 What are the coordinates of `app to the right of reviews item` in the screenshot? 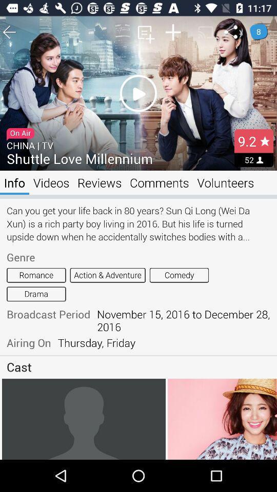 It's located at (159, 182).